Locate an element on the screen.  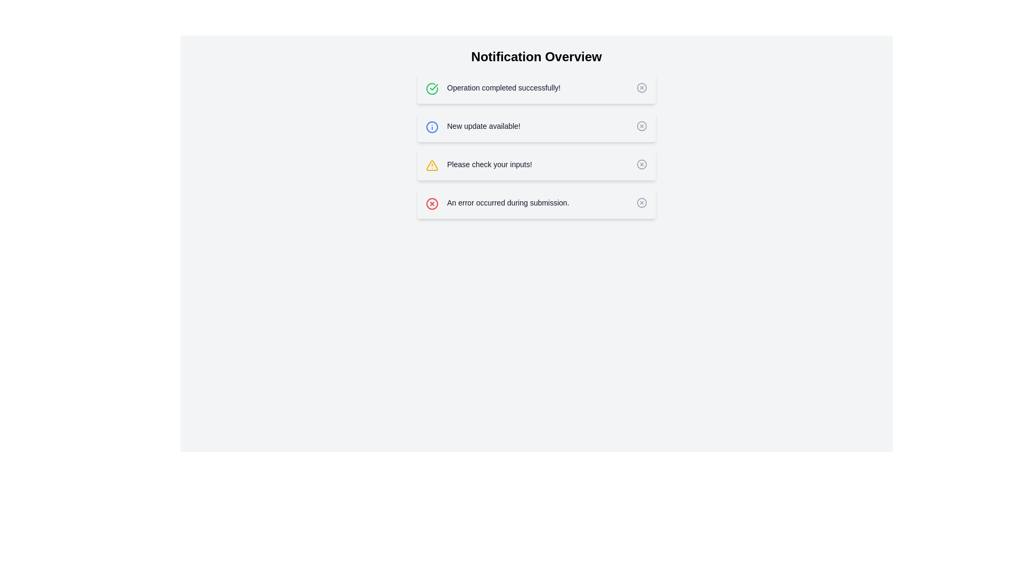
the close button with an 'X' icon located in the top-right area of the notification card displaying 'New update available!' is located at coordinates (641, 125).